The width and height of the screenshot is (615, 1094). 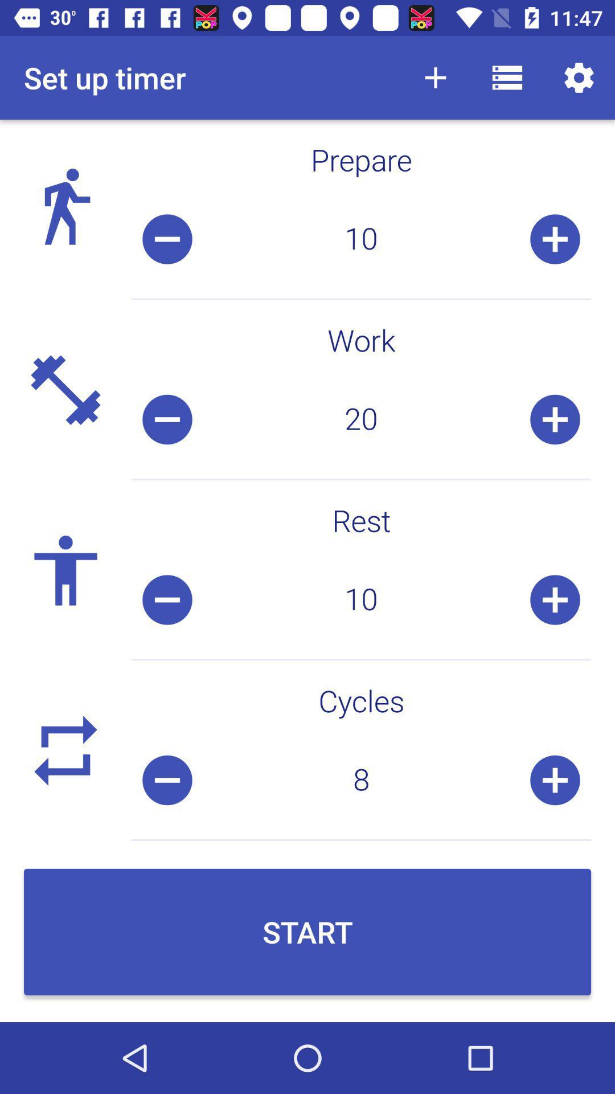 What do you see at coordinates (435, 77) in the screenshot?
I see `item to the right of the set up timer` at bounding box center [435, 77].